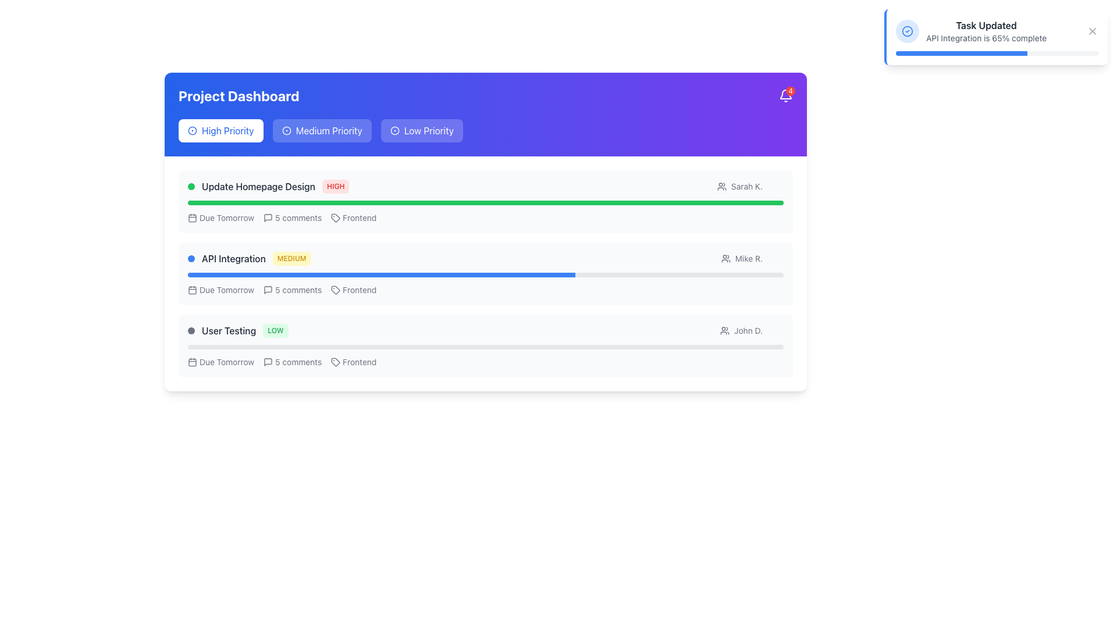 The image size is (1117, 628). Describe the element at coordinates (986, 31) in the screenshot. I see `the text display element that shows 'Task Updated' and 'API Integration is 65% complete' in a notification card located in the top-right region of the interface` at that location.